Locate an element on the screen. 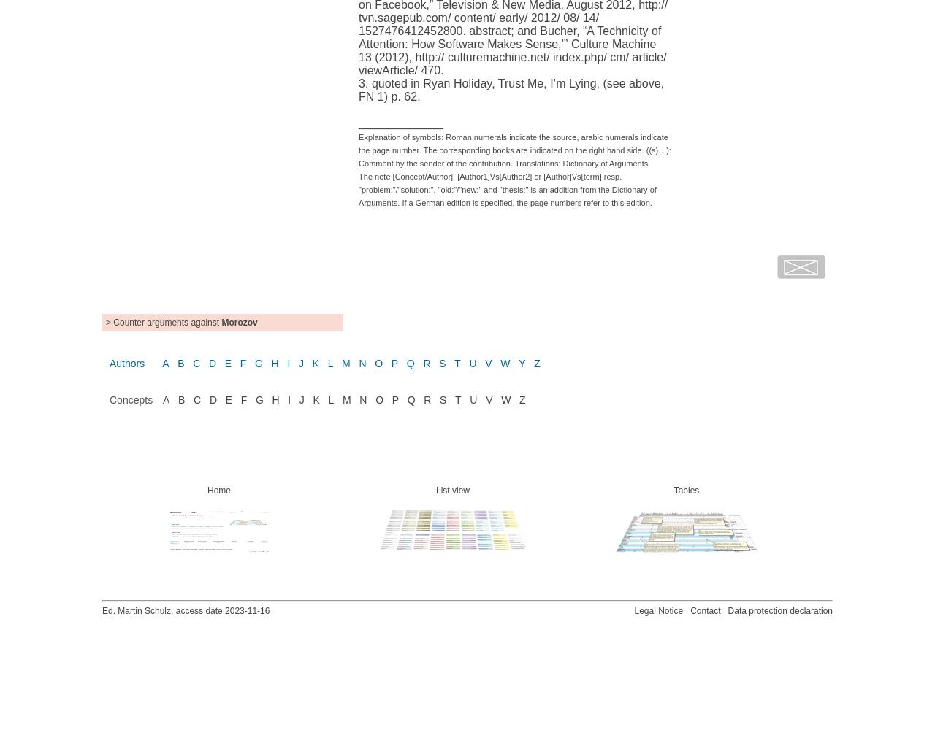  '_____________' is located at coordinates (400, 122).